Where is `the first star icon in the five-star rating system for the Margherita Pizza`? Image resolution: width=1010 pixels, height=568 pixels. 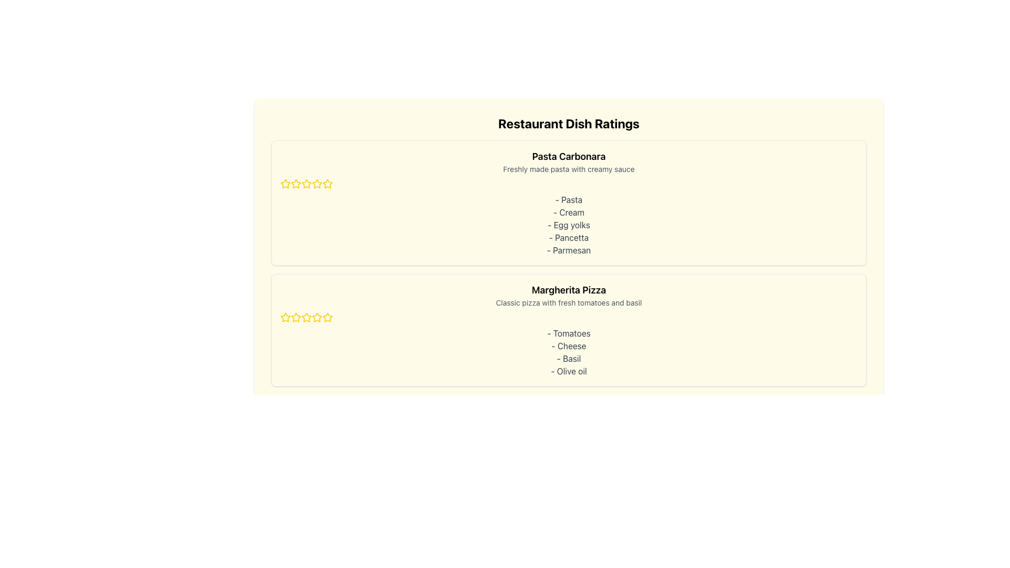 the first star icon in the five-star rating system for the Margherita Pizza is located at coordinates (285, 317).